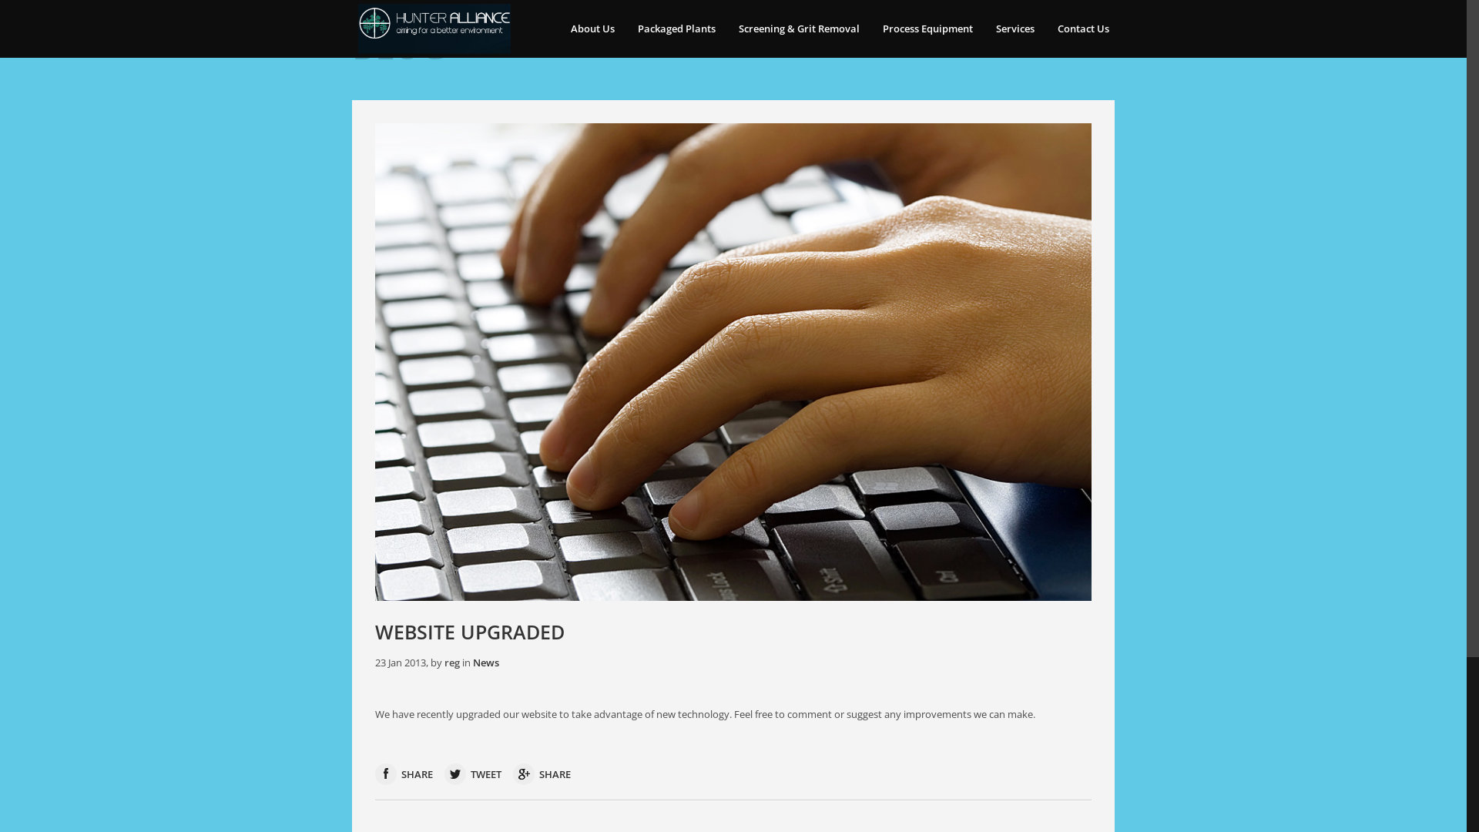 The width and height of the screenshot is (1479, 832). What do you see at coordinates (472, 774) in the screenshot?
I see `'TWEET'` at bounding box center [472, 774].